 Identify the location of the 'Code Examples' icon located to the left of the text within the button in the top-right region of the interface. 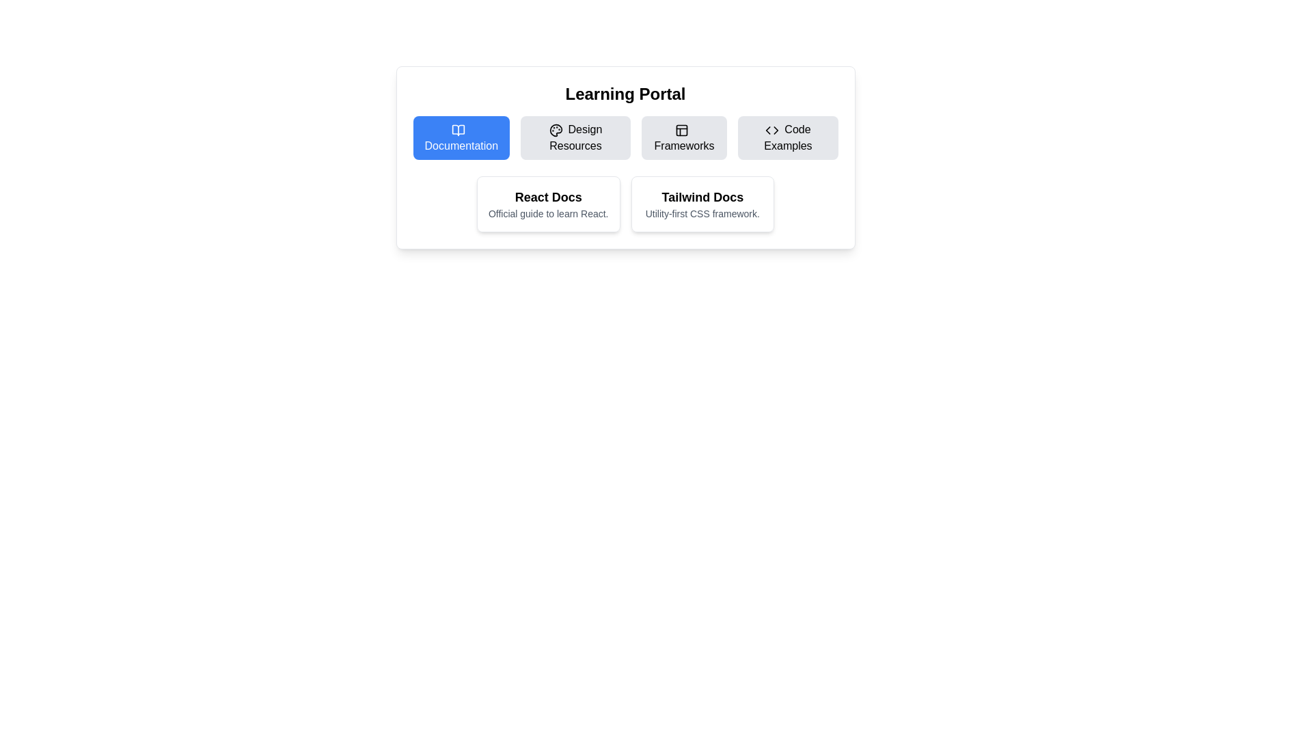
(772, 130).